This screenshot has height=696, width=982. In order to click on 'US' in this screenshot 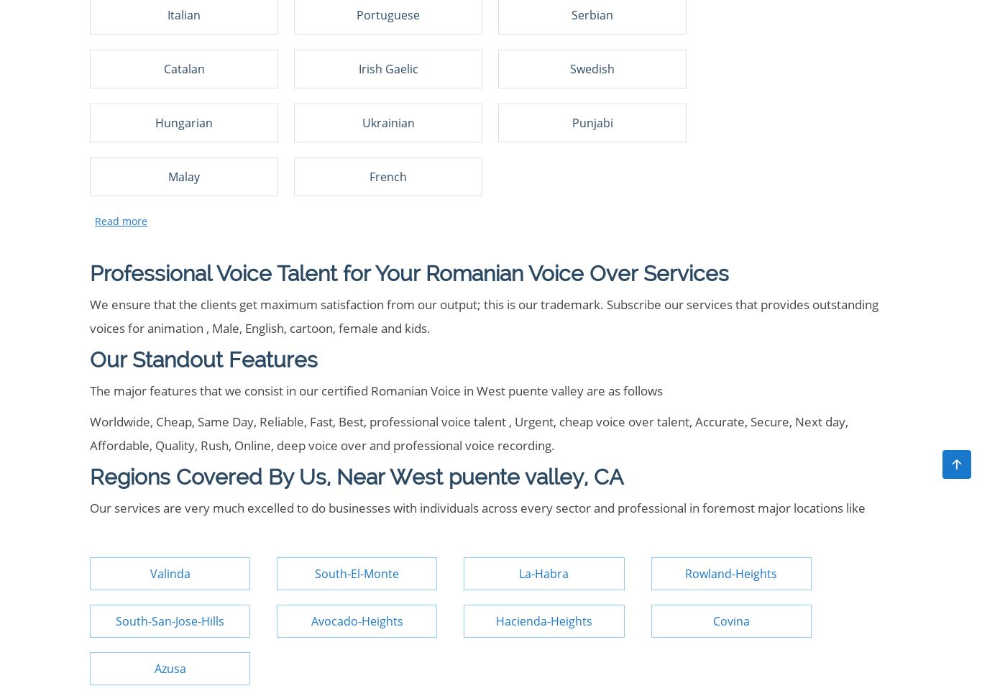, I will do `click(451, 12)`.